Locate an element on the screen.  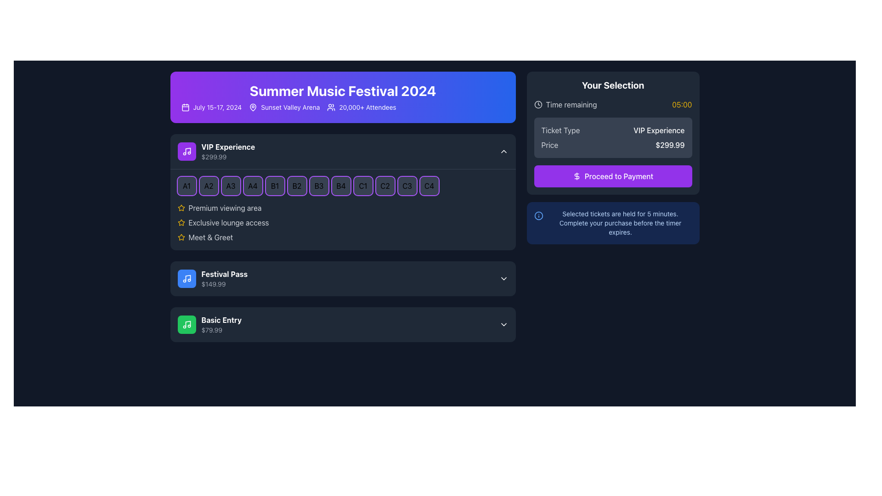
to select the 'VIP Experience' ticket option, which is represented by a purple square icon with a musical note and the text '$299.99'. This element is the first item in the ticket options list for the 'Summer Music Festival 2024' is located at coordinates (215, 151).